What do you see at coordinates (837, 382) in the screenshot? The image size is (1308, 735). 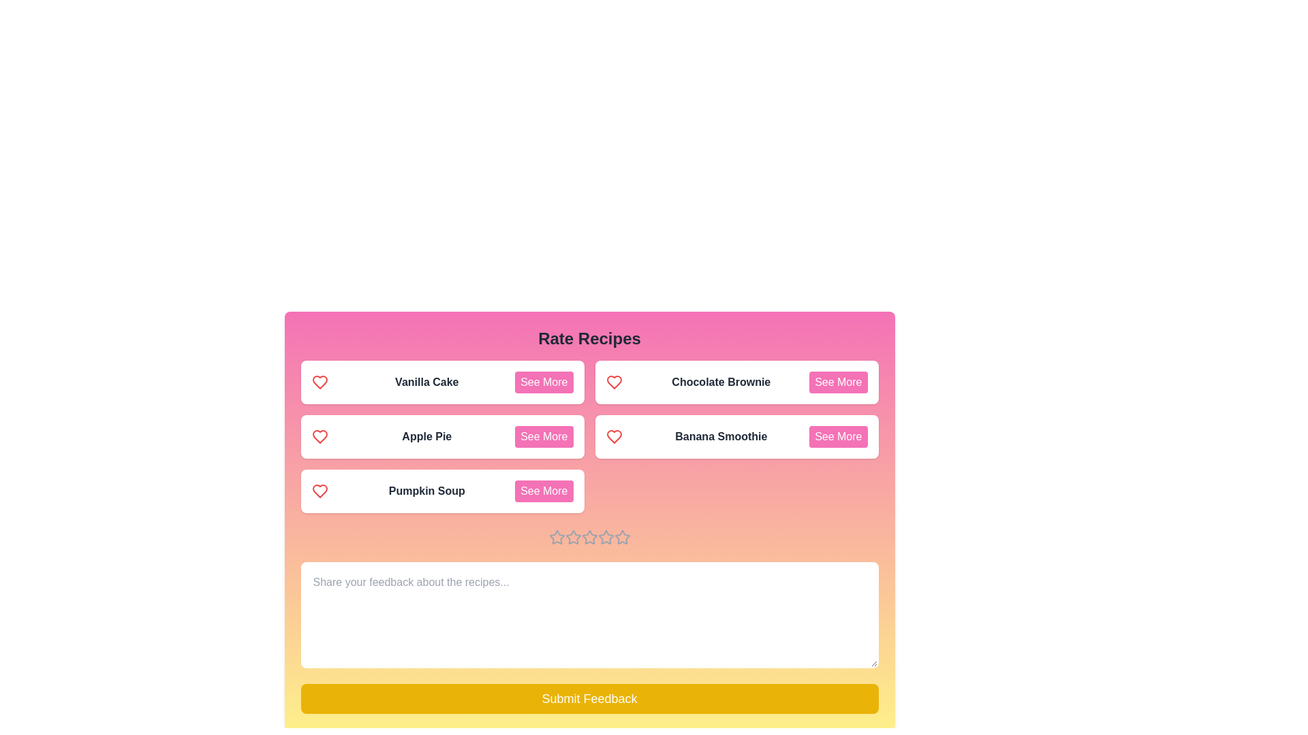 I see `the 'See More' button for the recipe Chocolate Brownie` at bounding box center [837, 382].